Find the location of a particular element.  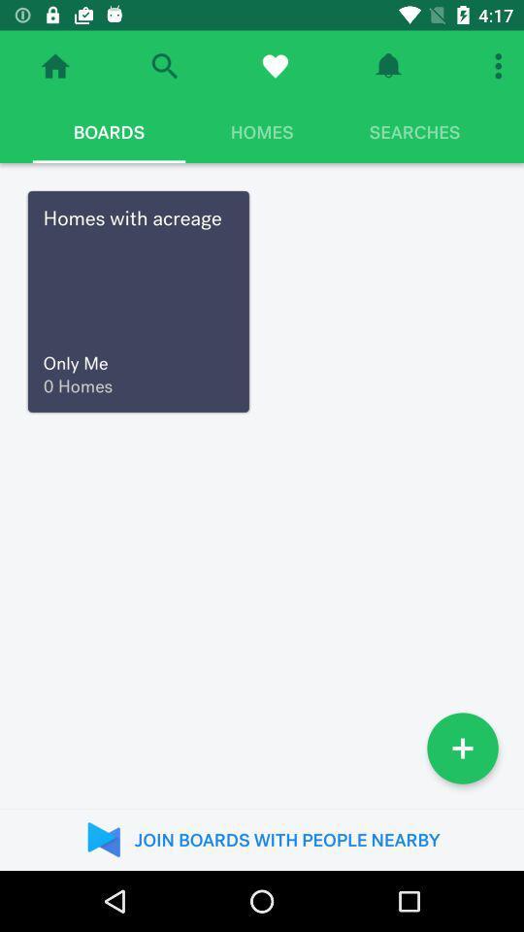

the searches item is located at coordinates (413, 131).